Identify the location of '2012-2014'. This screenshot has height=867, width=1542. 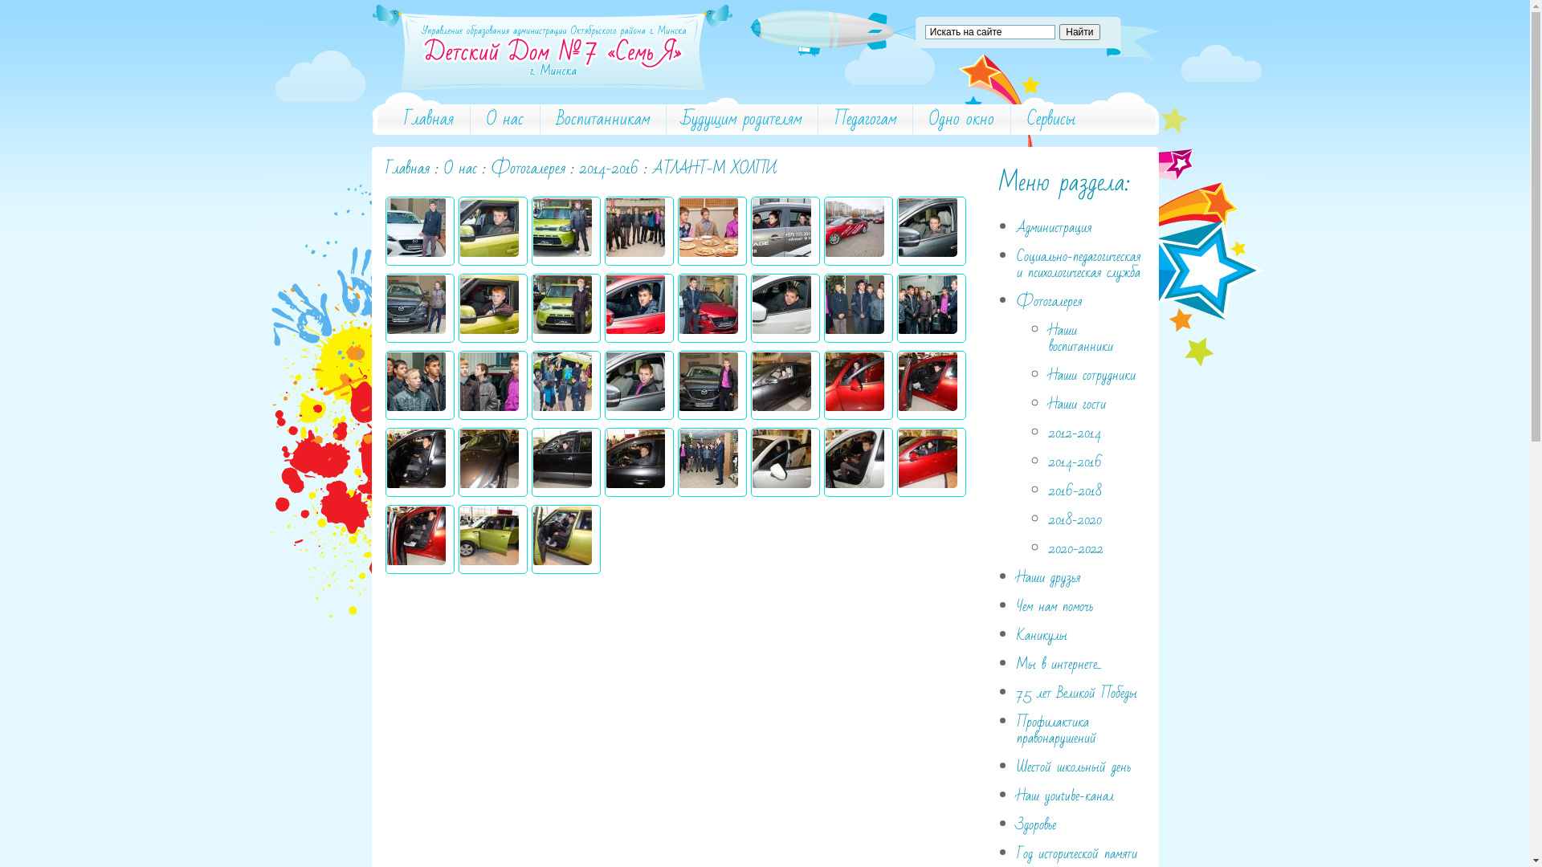
(1075, 432).